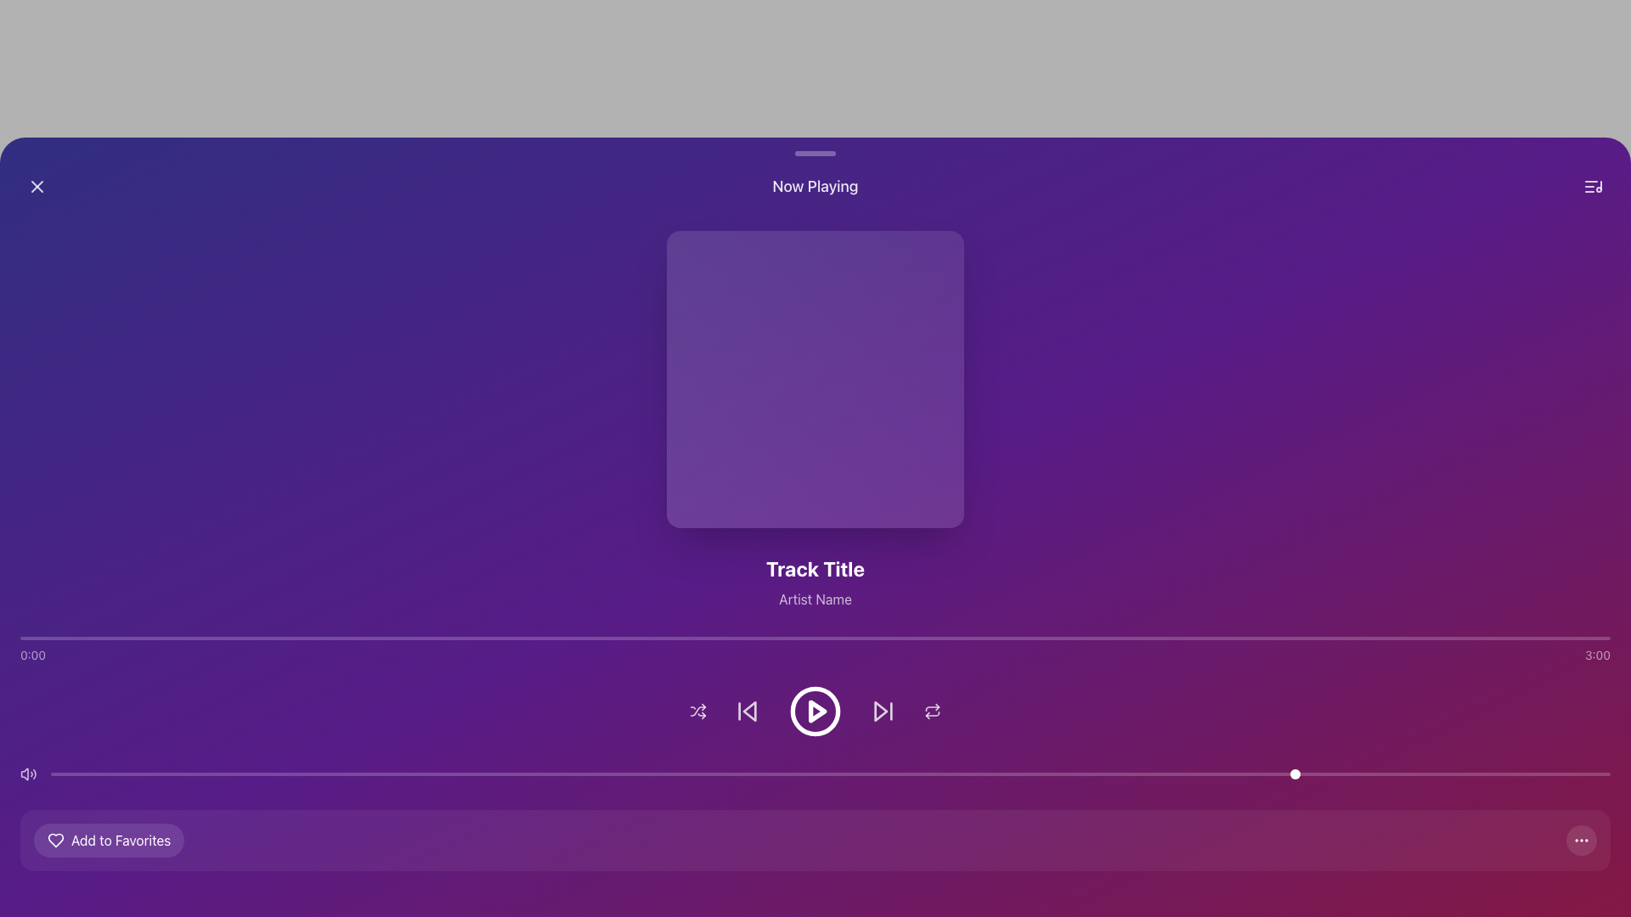 This screenshot has width=1631, height=917. Describe the element at coordinates (163, 639) in the screenshot. I see `the playback progress` at that location.